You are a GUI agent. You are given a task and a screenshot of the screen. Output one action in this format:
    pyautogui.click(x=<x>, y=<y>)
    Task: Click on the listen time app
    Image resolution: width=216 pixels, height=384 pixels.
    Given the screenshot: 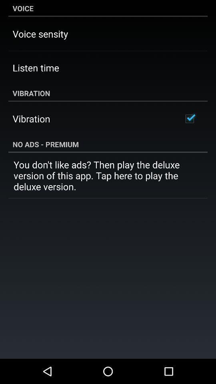 What is the action you would take?
    pyautogui.click(x=35, y=67)
    